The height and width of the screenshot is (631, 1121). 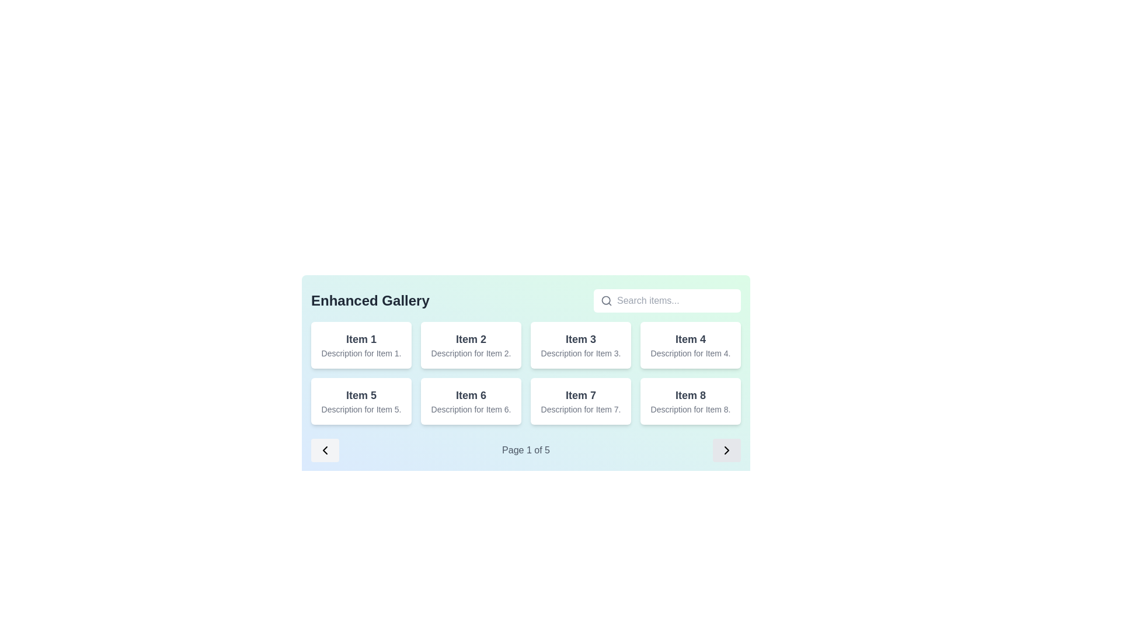 What do you see at coordinates (361, 395) in the screenshot?
I see `the text label that serves as the title for the card, labeled 'Item 5 Description for Item 5', located in the second row, first column of the grid layout` at bounding box center [361, 395].